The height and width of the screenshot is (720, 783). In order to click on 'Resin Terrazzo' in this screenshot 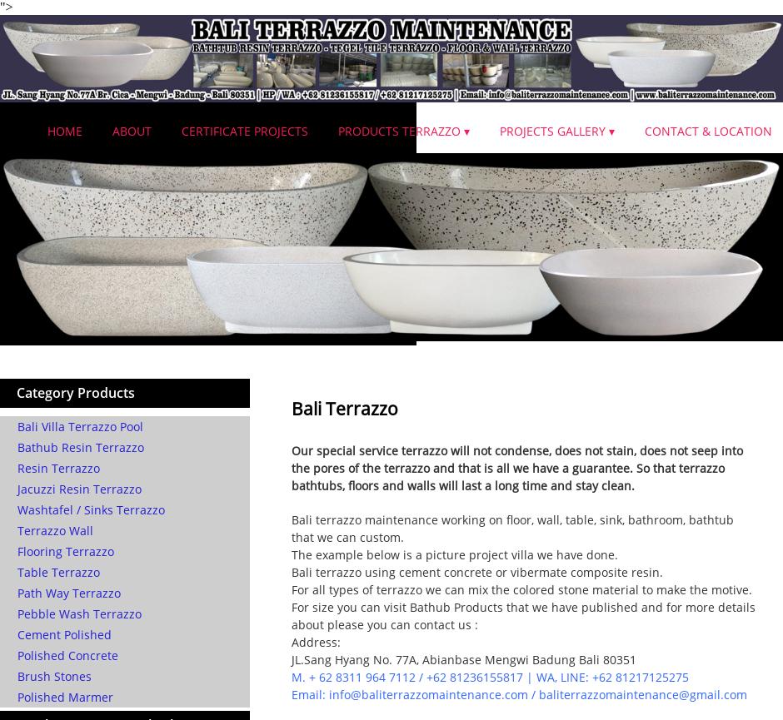, I will do `click(57, 467)`.